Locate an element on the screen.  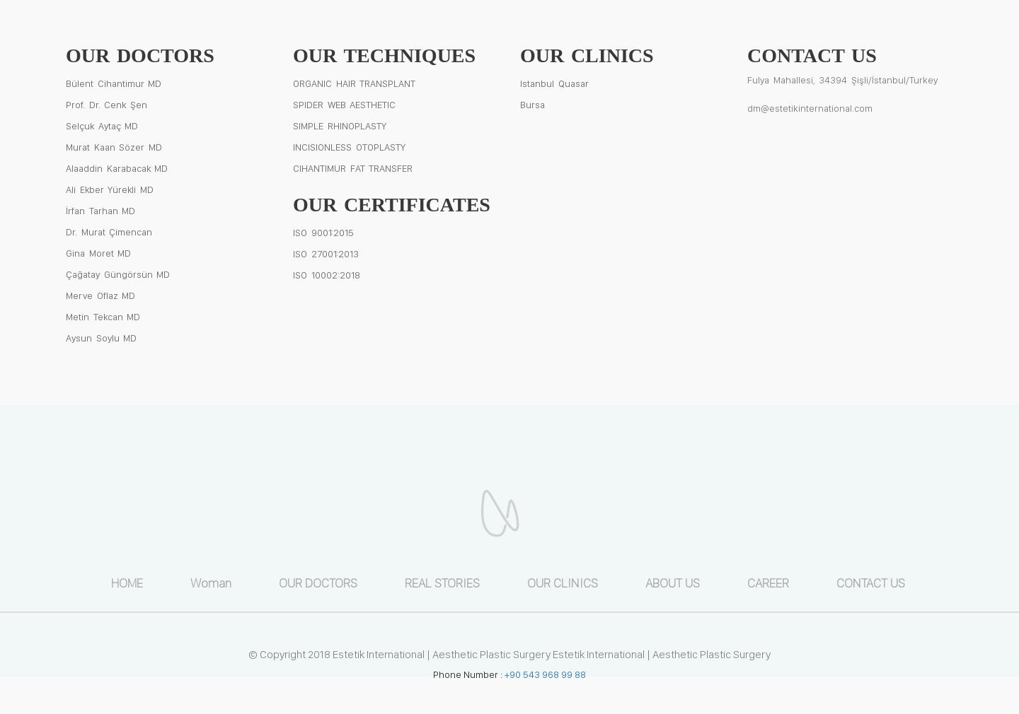
'CAREER' is located at coordinates (766, 582).